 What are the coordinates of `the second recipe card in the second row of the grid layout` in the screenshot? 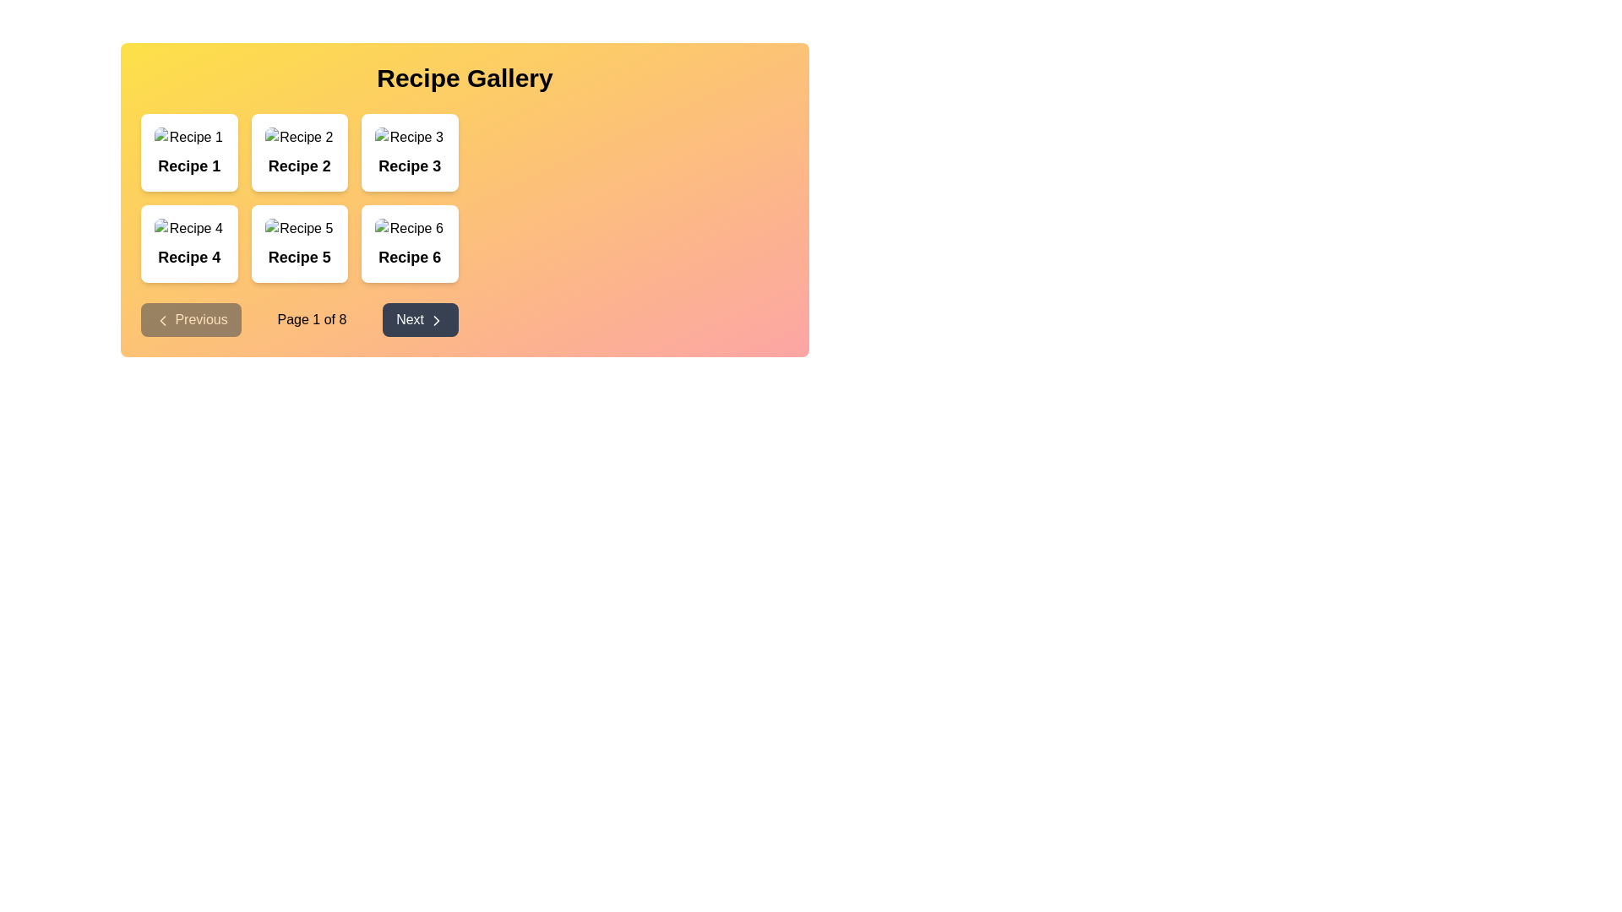 It's located at (299, 224).